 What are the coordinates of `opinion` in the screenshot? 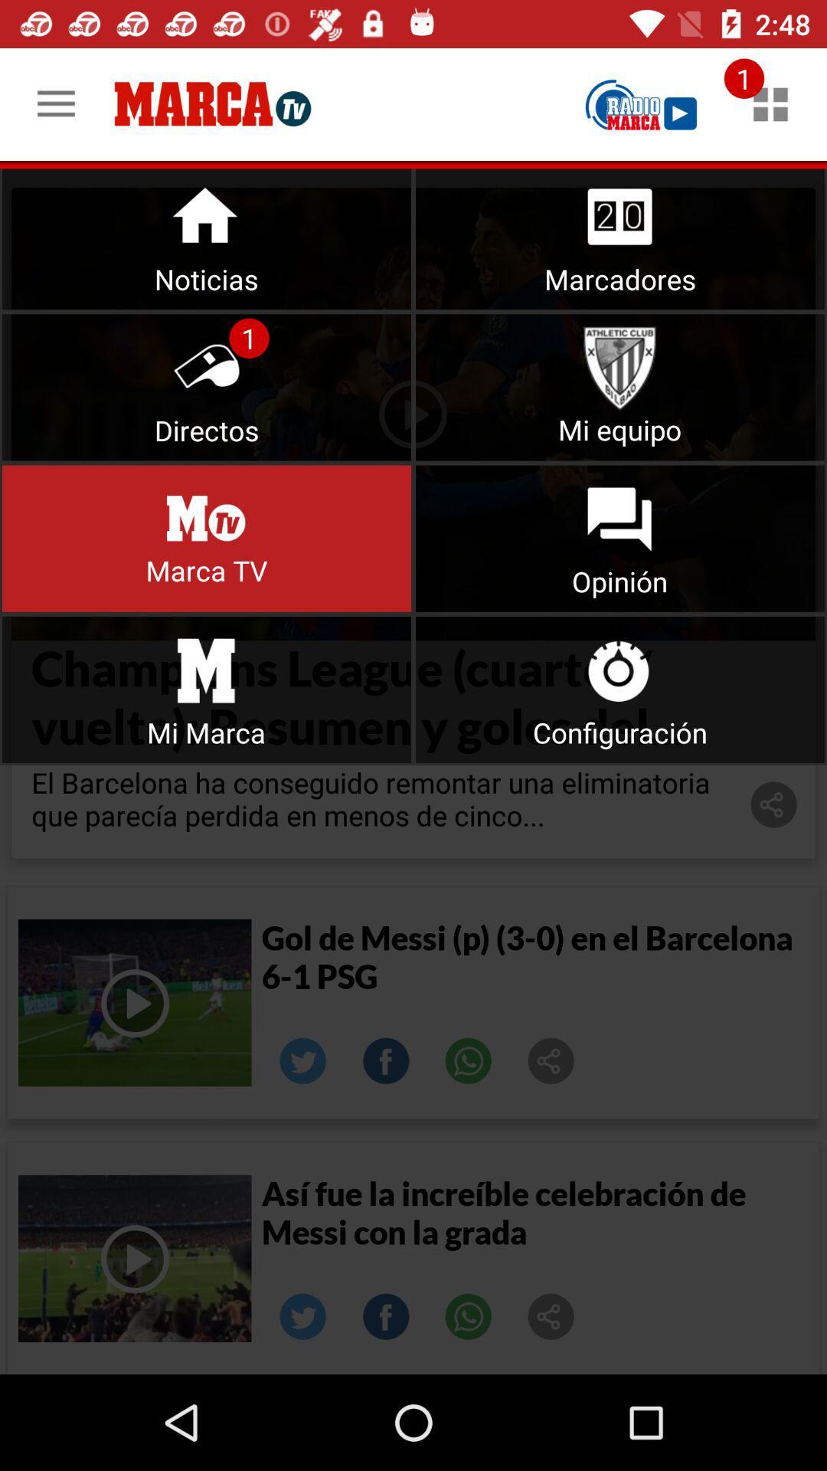 It's located at (620, 539).